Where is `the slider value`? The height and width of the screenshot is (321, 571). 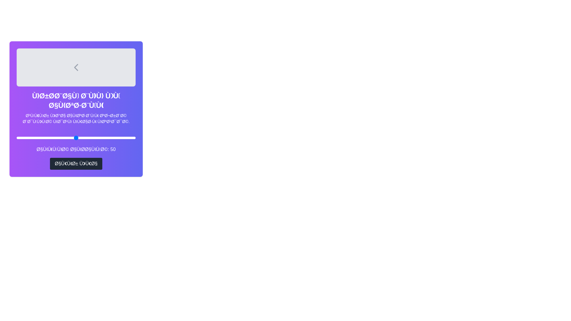
the slider value is located at coordinates (76, 138).